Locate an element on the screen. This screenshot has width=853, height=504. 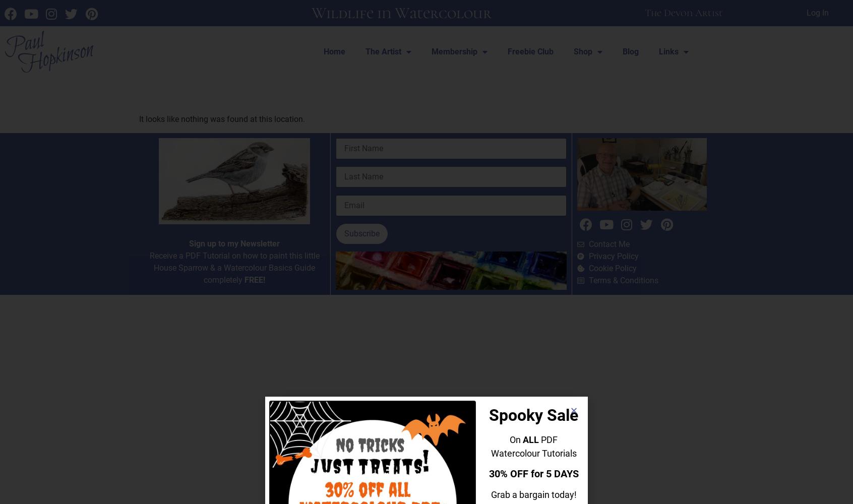
'Sign up to my Newsletter' is located at coordinates (233, 242).